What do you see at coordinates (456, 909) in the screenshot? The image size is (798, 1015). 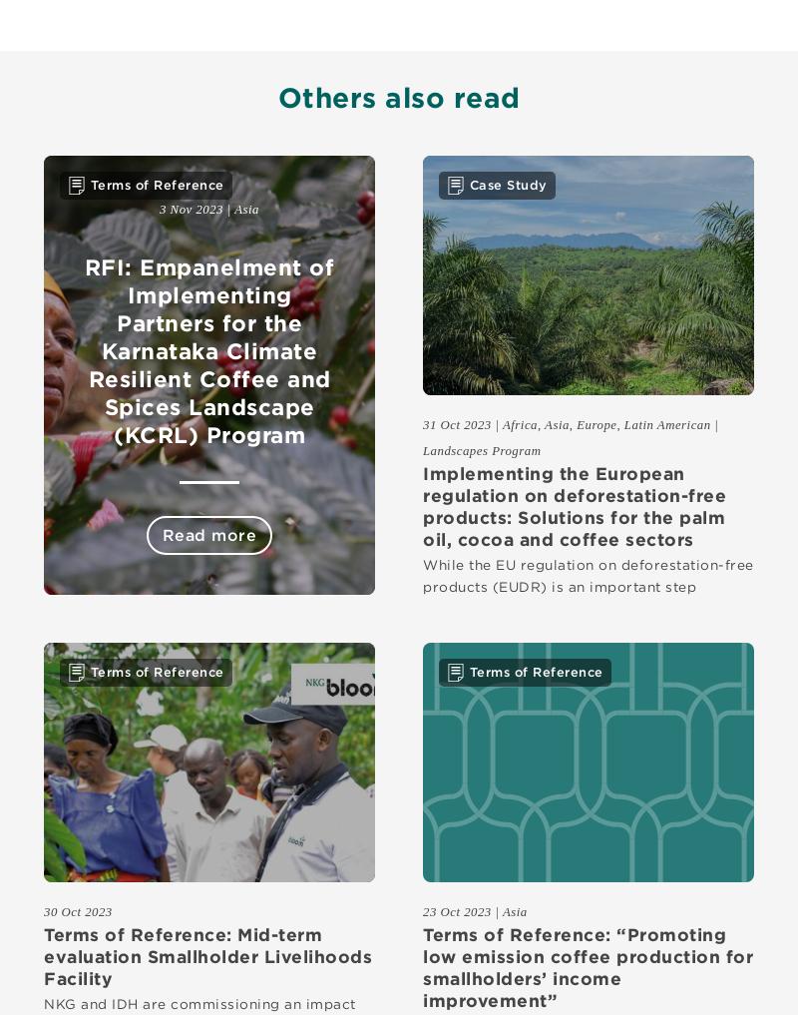 I see `'23 Oct 2023'` at bounding box center [456, 909].